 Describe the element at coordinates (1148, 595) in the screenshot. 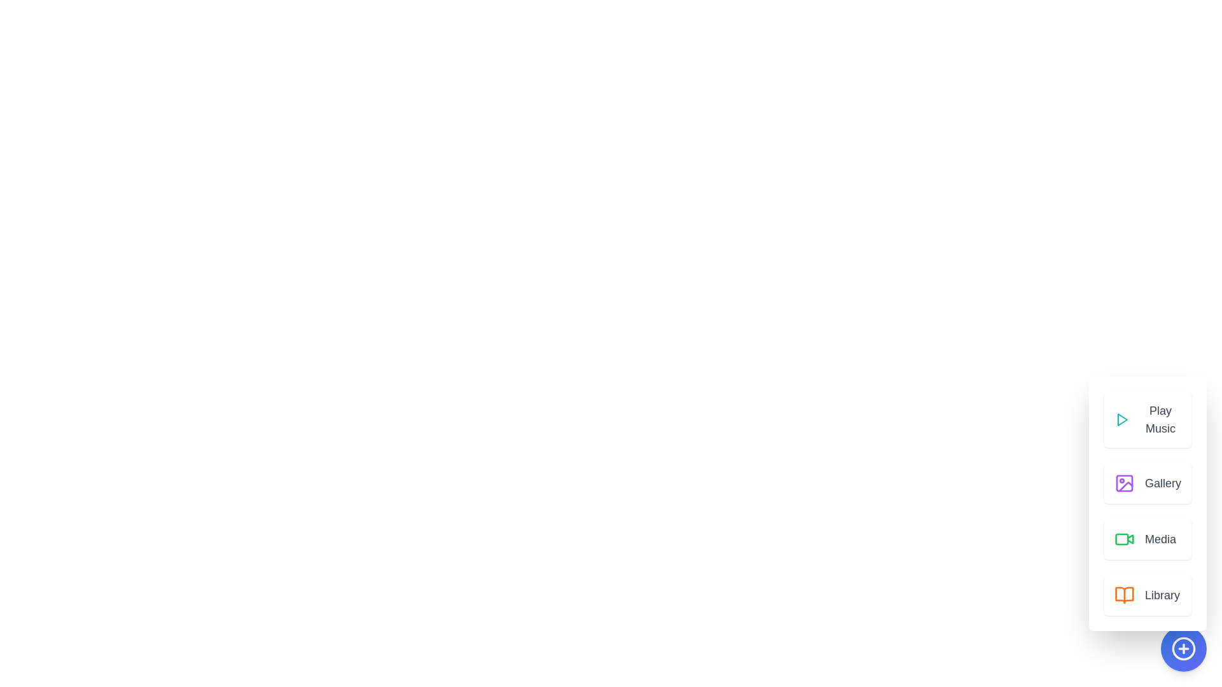

I see `the Library button to access the respective media content` at that location.